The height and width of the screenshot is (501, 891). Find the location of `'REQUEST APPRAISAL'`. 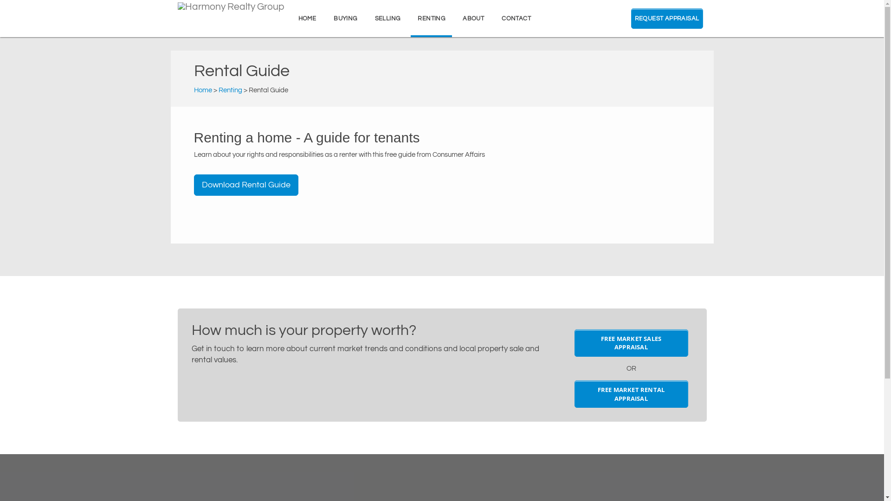

'REQUEST APPRAISAL' is located at coordinates (666, 18).